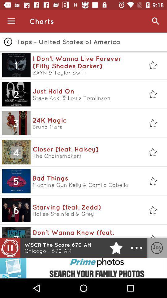 The image size is (167, 298). Describe the element at coordinates (8, 41) in the screenshot. I see `the arrow_backward icon` at that location.